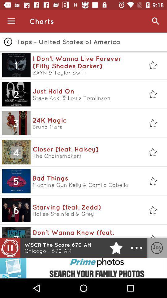 The image size is (167, 298). Describe the element at coordinates (8, 41) in the screenshot. I see `the arrow_backward icon` at that location.